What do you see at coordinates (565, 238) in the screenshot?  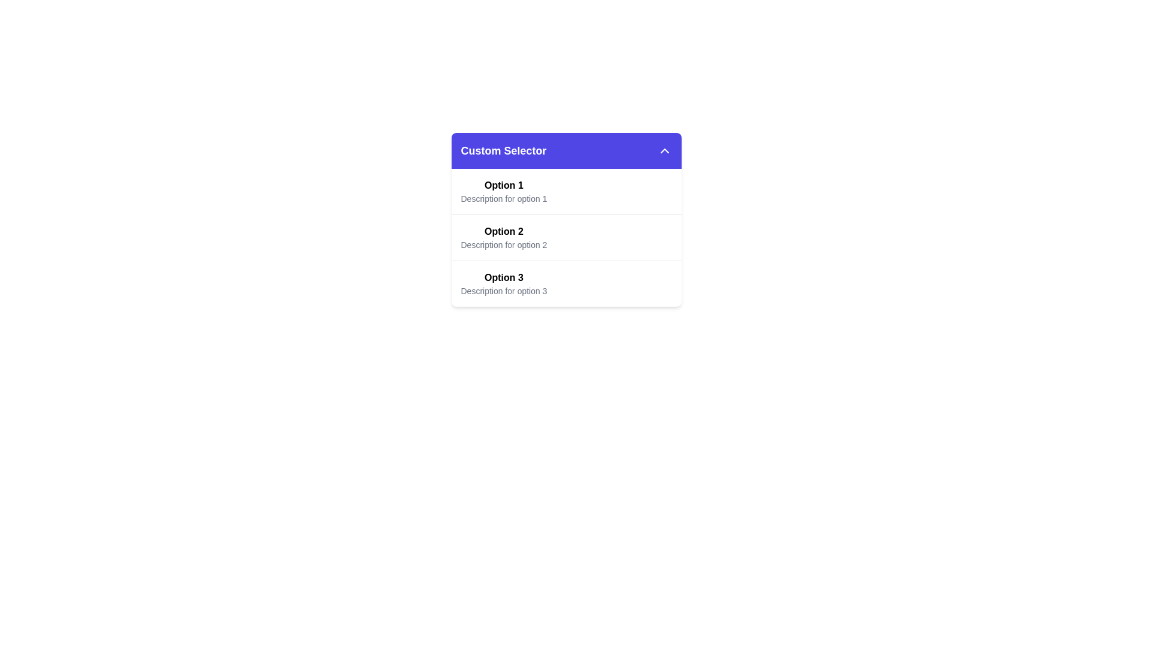 I see `the list item labeled 'Option 2'` at bounding box center [565, 238].